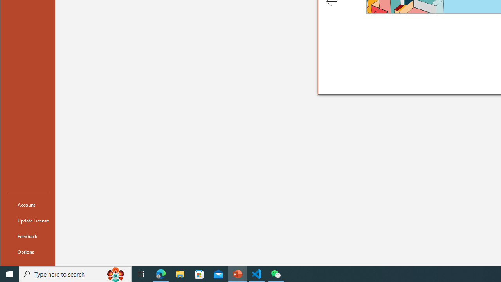 Image resolution: width=501 pixels, height=282 pixels. Describe the element at coordinates (28, 236) in the screenshot. I see `'Feedback'` at that location.